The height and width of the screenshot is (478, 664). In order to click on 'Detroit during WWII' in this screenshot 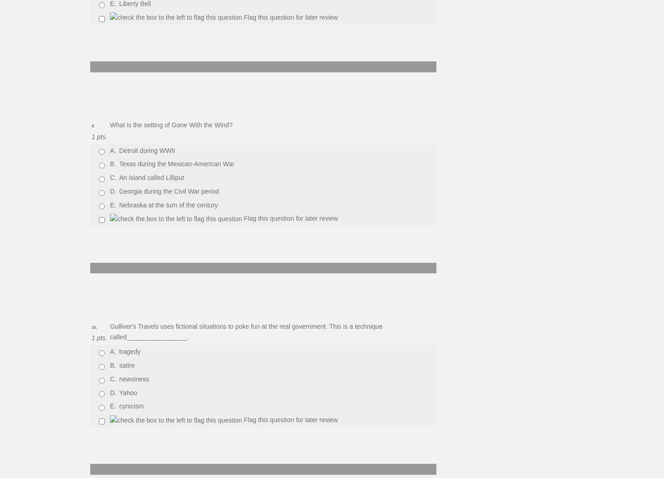, I will do `click(147, 150)`.